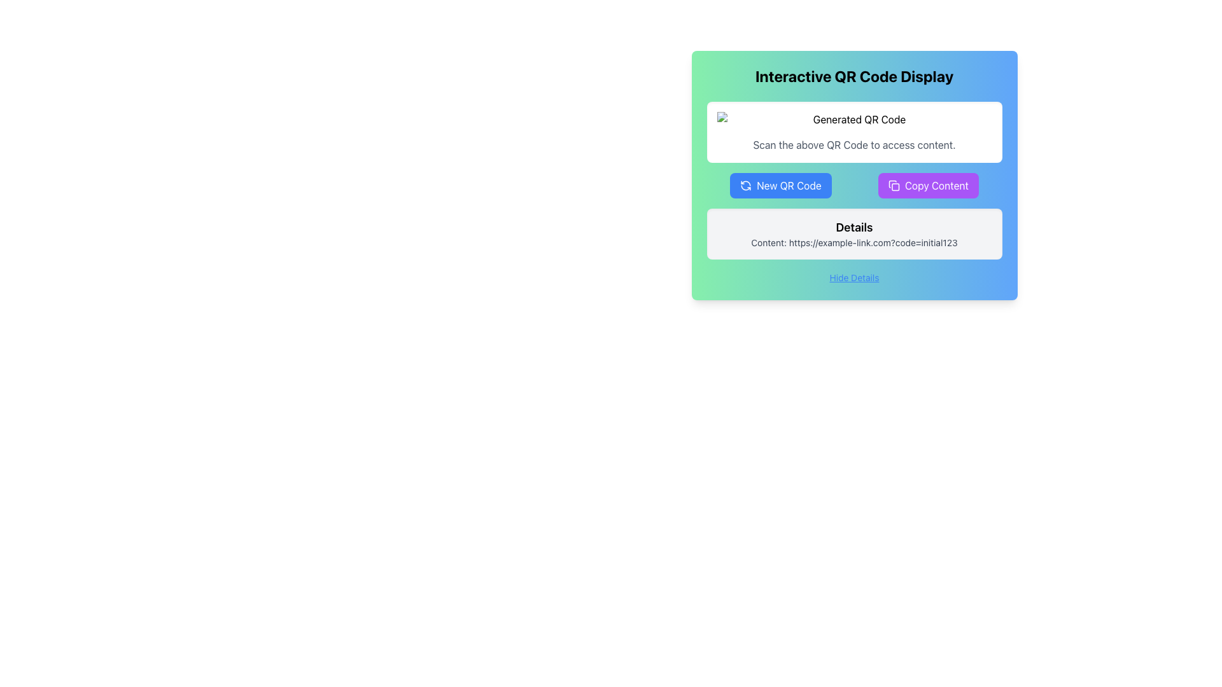 The width and height of the screenshot is (1222, 687). Describe the element at coordinates (928, 186) in the screenshot. I see `the button to copy the content associated with the displayed QR code, which is located to the right of the 'New QR Code' button in the middle section of the panel` at that location.